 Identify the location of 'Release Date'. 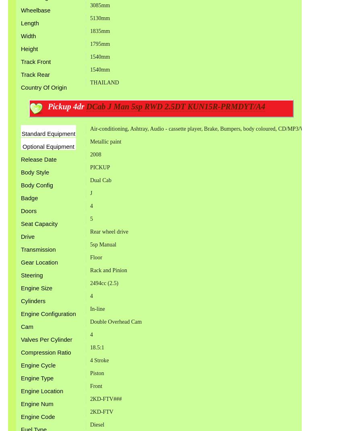
(38, 159).